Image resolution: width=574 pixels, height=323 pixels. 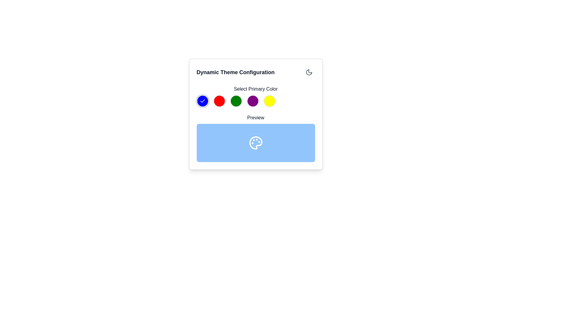 What do you see at coordinates (256, 143) in the screenshot?
I see `the color palette icon located below the 'Preview' text in the 'Dynamic Theme Configuration' card, which is situated in the center of a blue rectangular preview area` at bounding box center [256, 143].